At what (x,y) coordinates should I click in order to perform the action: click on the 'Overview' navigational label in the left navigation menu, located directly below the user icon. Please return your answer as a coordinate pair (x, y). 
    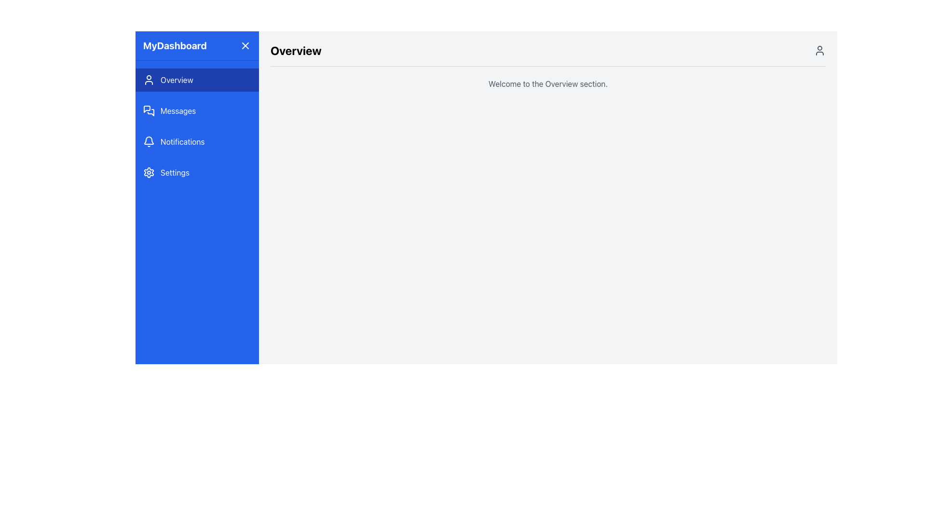
    Looking at the image, I should click on (177, 79).